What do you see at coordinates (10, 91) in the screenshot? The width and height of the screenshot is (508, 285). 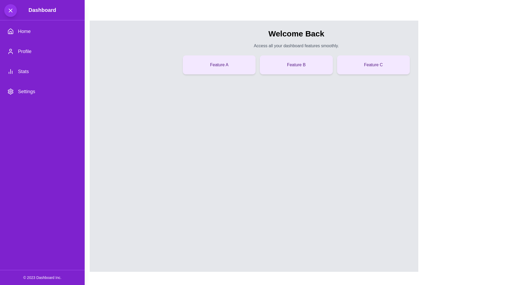 I see `the cogwheel icon located in the Settings menu of the left-side navigation bar, positioned next to the text 'Settings'` at bounding box center [10, 91].